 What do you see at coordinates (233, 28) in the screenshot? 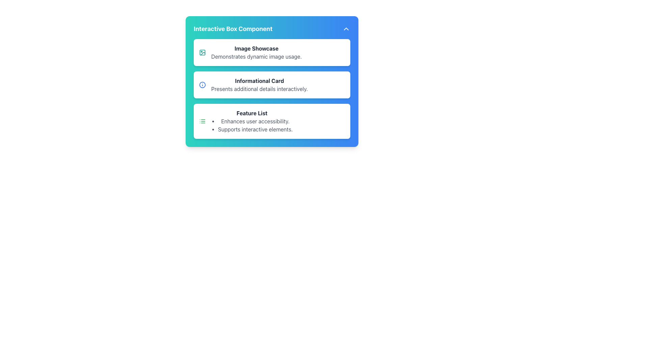
I see `the title text display at the top-left corner of the card interface, which identifies the content below` at bounding box center [233, 28].